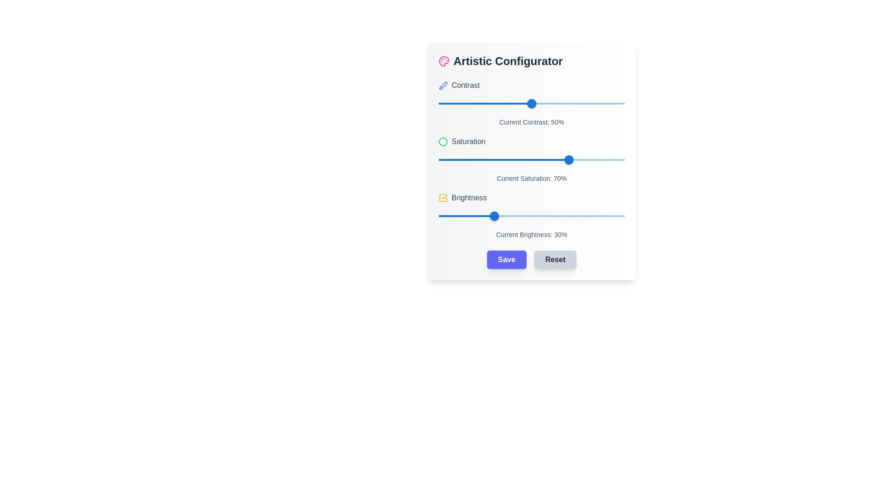  Describe the element at coordinates (447, 104) in the screenshot. I see `contrast` at that location.